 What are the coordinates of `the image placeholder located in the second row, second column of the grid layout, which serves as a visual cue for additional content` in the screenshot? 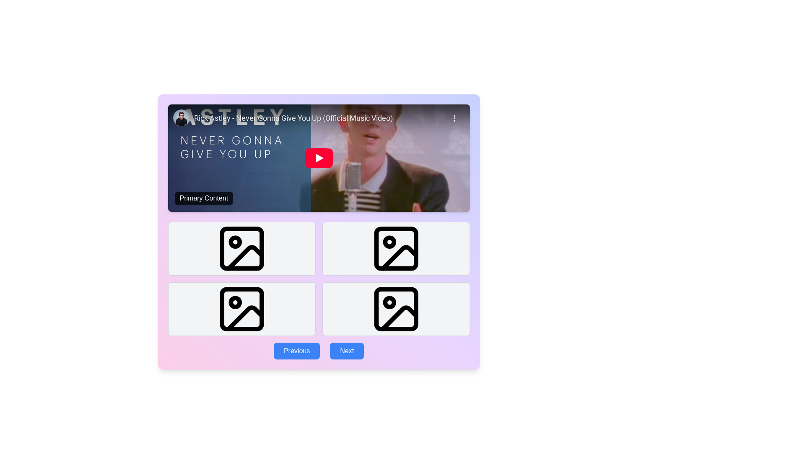 It's located at (395, 309).